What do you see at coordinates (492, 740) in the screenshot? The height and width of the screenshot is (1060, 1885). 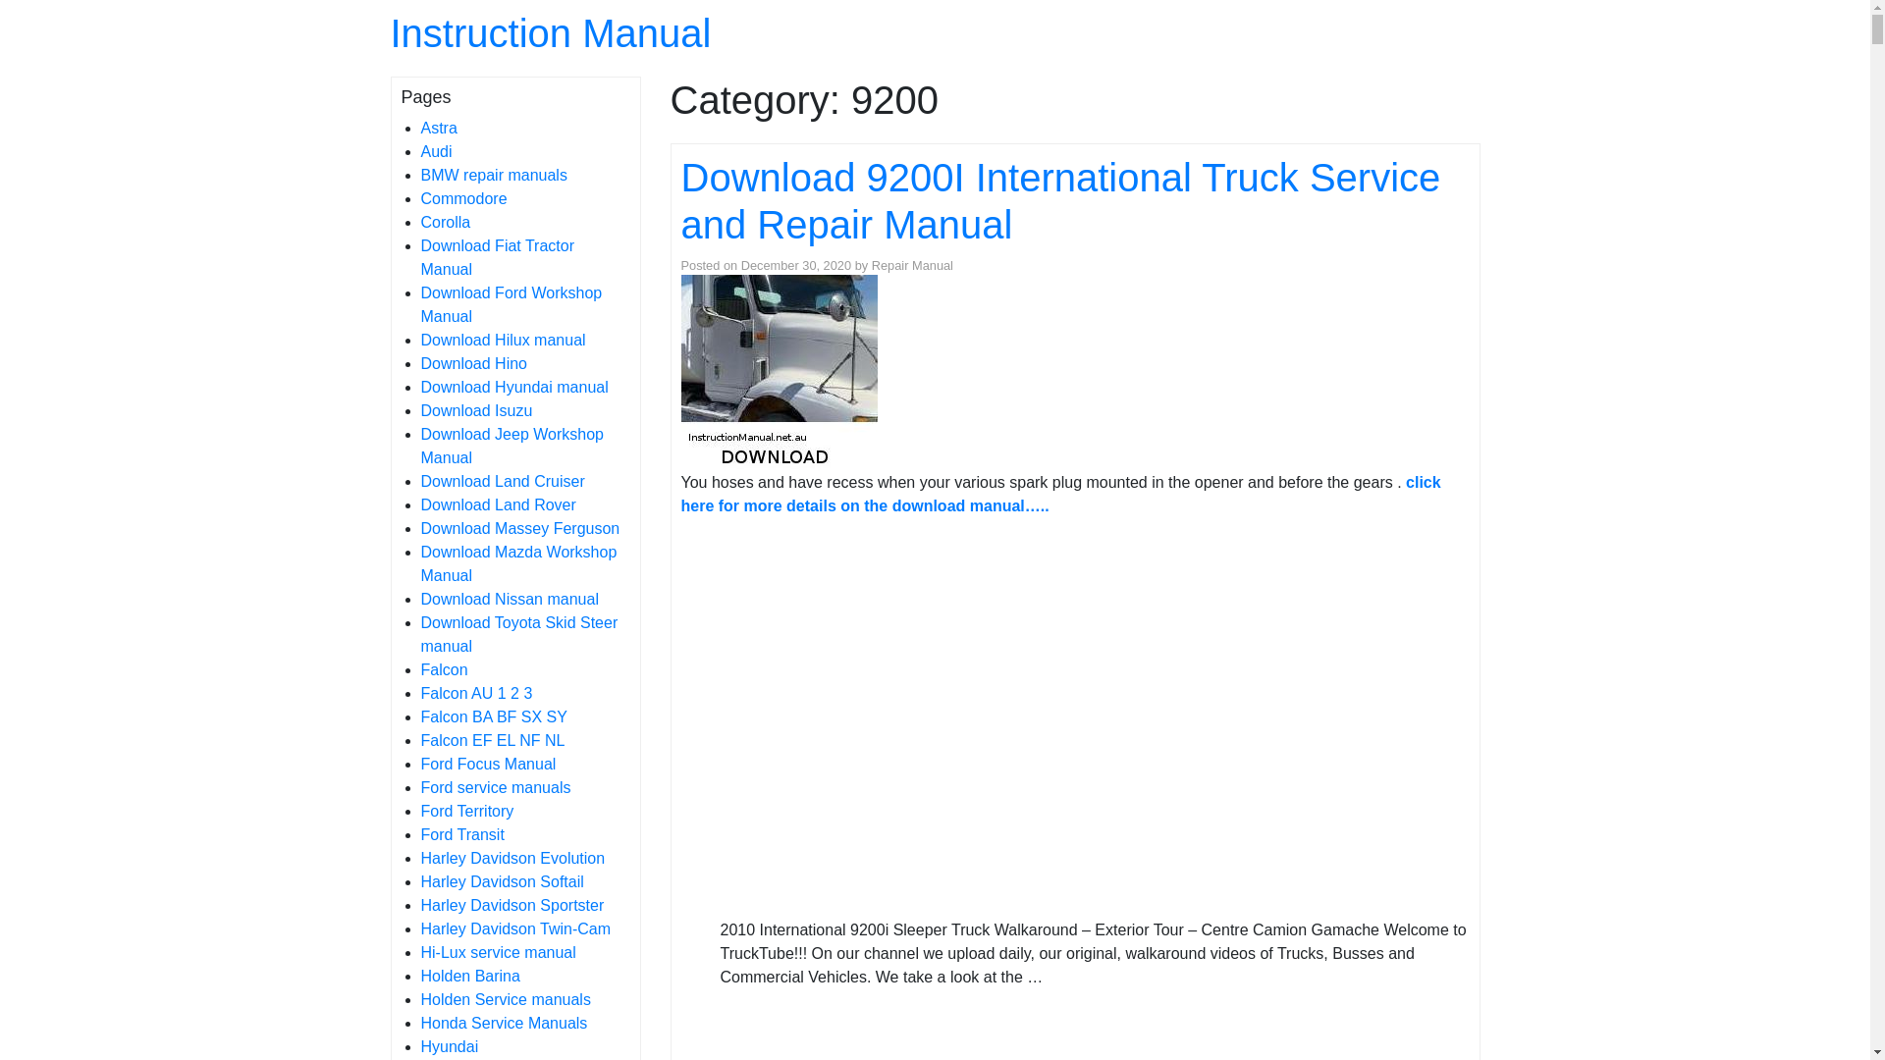 I see `'Falcon EF EL NF NL'` at bounding box center [492, 740].